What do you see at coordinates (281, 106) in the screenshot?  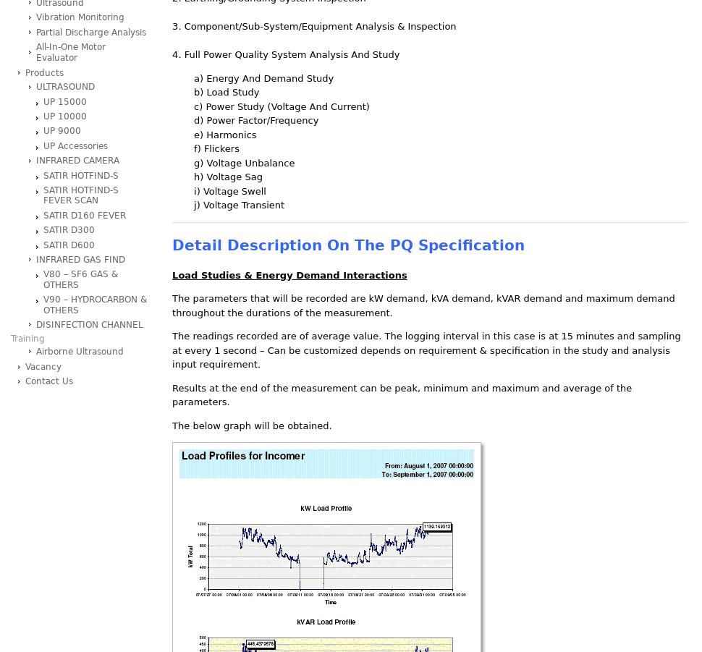 I see `'c) Power Study (Voltage And Current)'` at bounding box center [281, 106].